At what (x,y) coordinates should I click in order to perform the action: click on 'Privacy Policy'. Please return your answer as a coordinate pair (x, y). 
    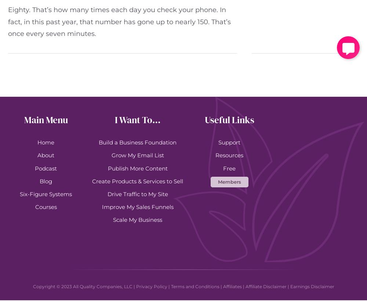
    Looking at the image, I should click on (135, 286).